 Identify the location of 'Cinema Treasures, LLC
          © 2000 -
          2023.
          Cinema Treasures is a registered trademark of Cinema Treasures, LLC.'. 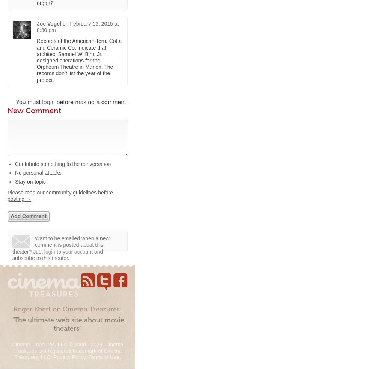
(67, 351).